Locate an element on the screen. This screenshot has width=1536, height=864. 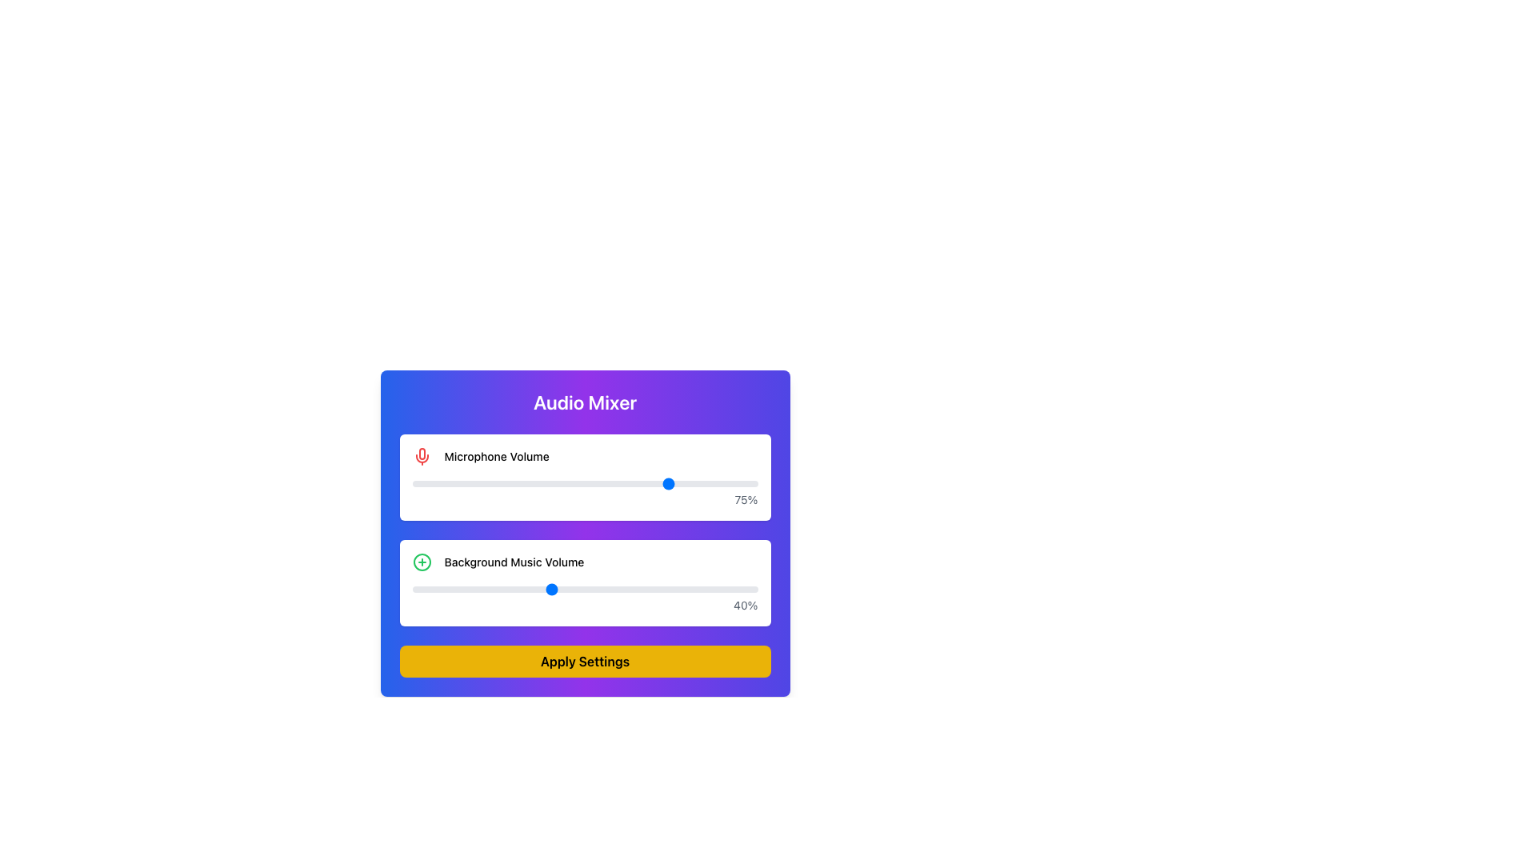
the microphone icon located in the 'Microphone Volume' section, positioned at the leftmost side near the 'Microphone Volume' label is located at coordinates (422, 456).